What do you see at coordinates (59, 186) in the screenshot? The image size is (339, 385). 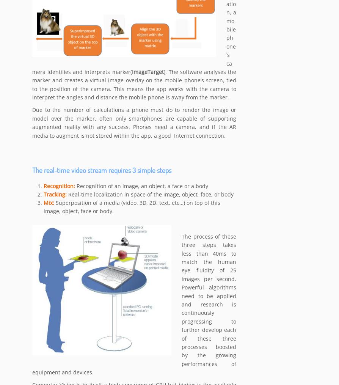 I see `'Recognition:'` at bounding box center [59, 186].